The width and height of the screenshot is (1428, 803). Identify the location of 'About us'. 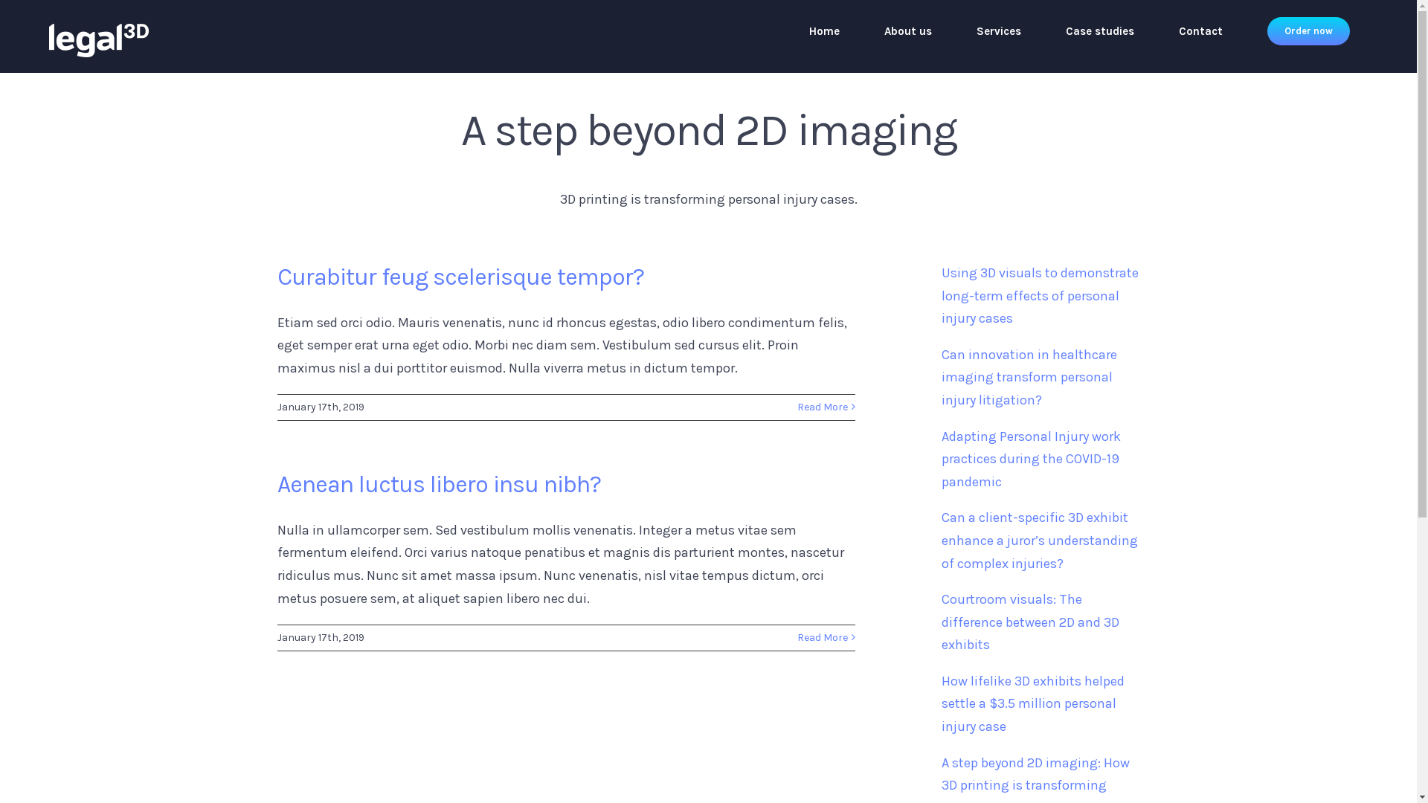
(907, 31).